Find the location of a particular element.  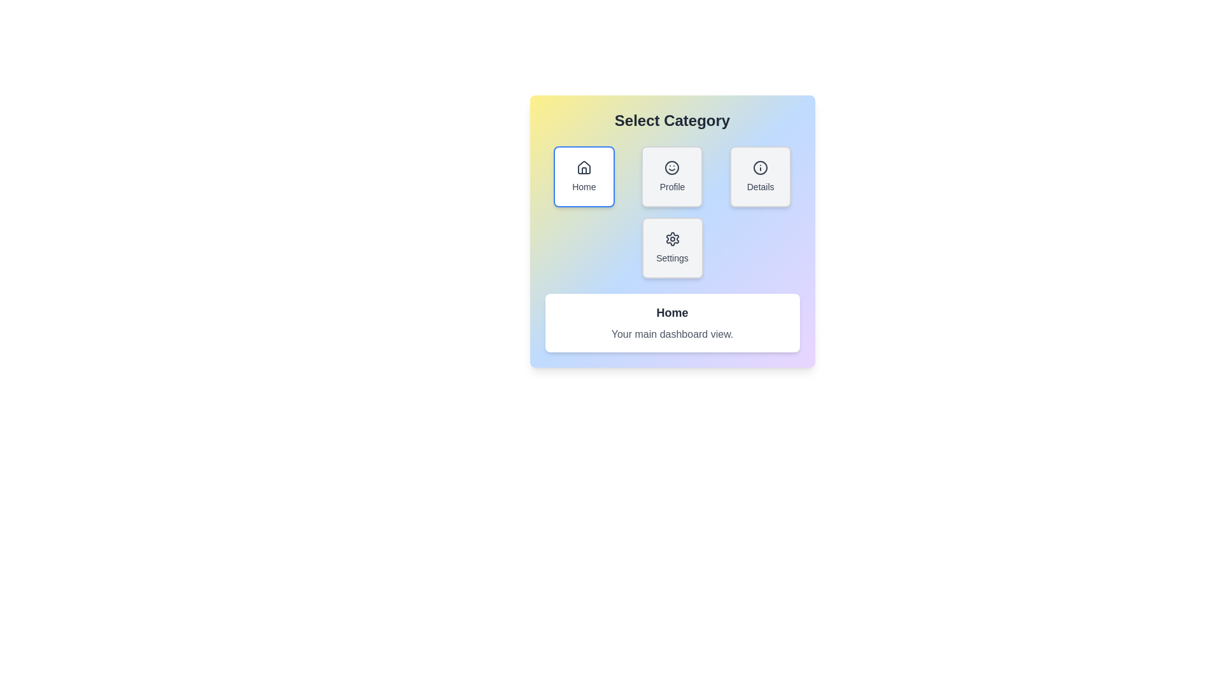

the 'Details' button located in the 'Select Category' section, which is a rectangular button with a rounded border and an information icon above the text is located at coordinates (761, 176).